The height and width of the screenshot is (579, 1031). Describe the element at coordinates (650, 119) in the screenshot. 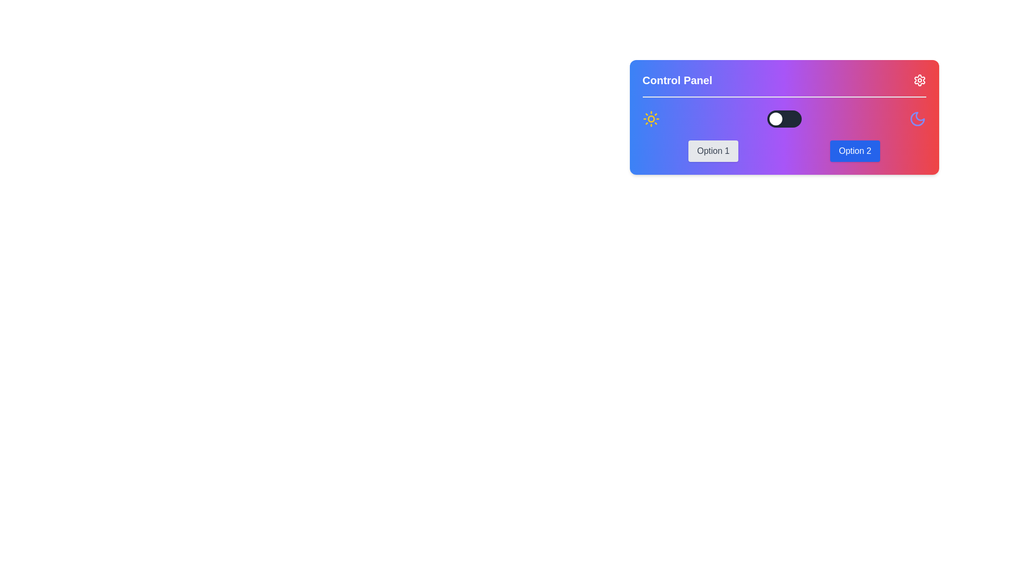

I see `the sun icon located in the top left corner of the control panel` at that location.